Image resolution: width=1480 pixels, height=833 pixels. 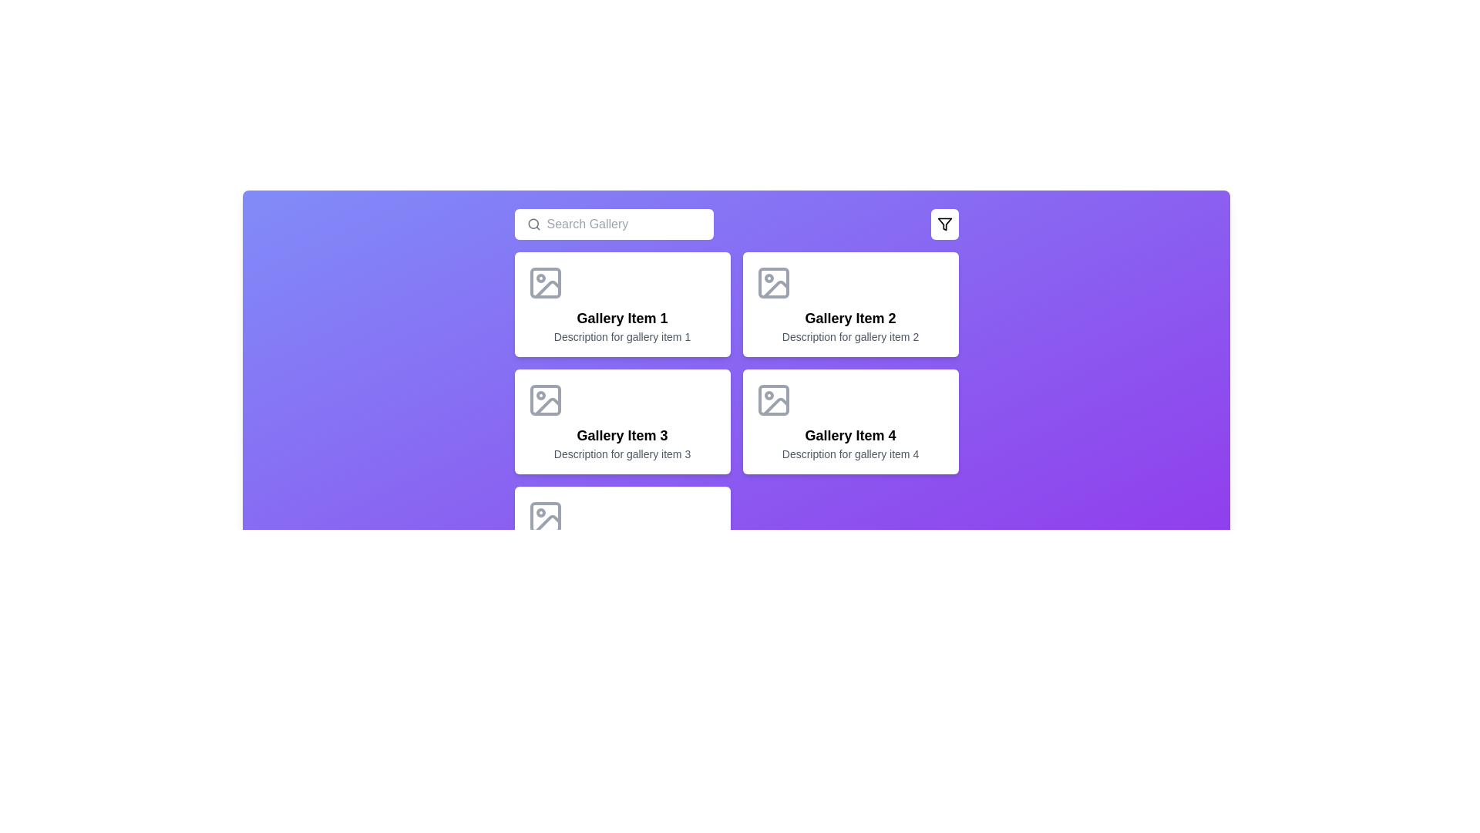 What do you see at coordinates (545, 282) in the screenshot?
I see `the Decorative SVG rectangle located in the topmost position of the 'Gallery Item 1' card within the grid layout` at bounding box center [545, 282].